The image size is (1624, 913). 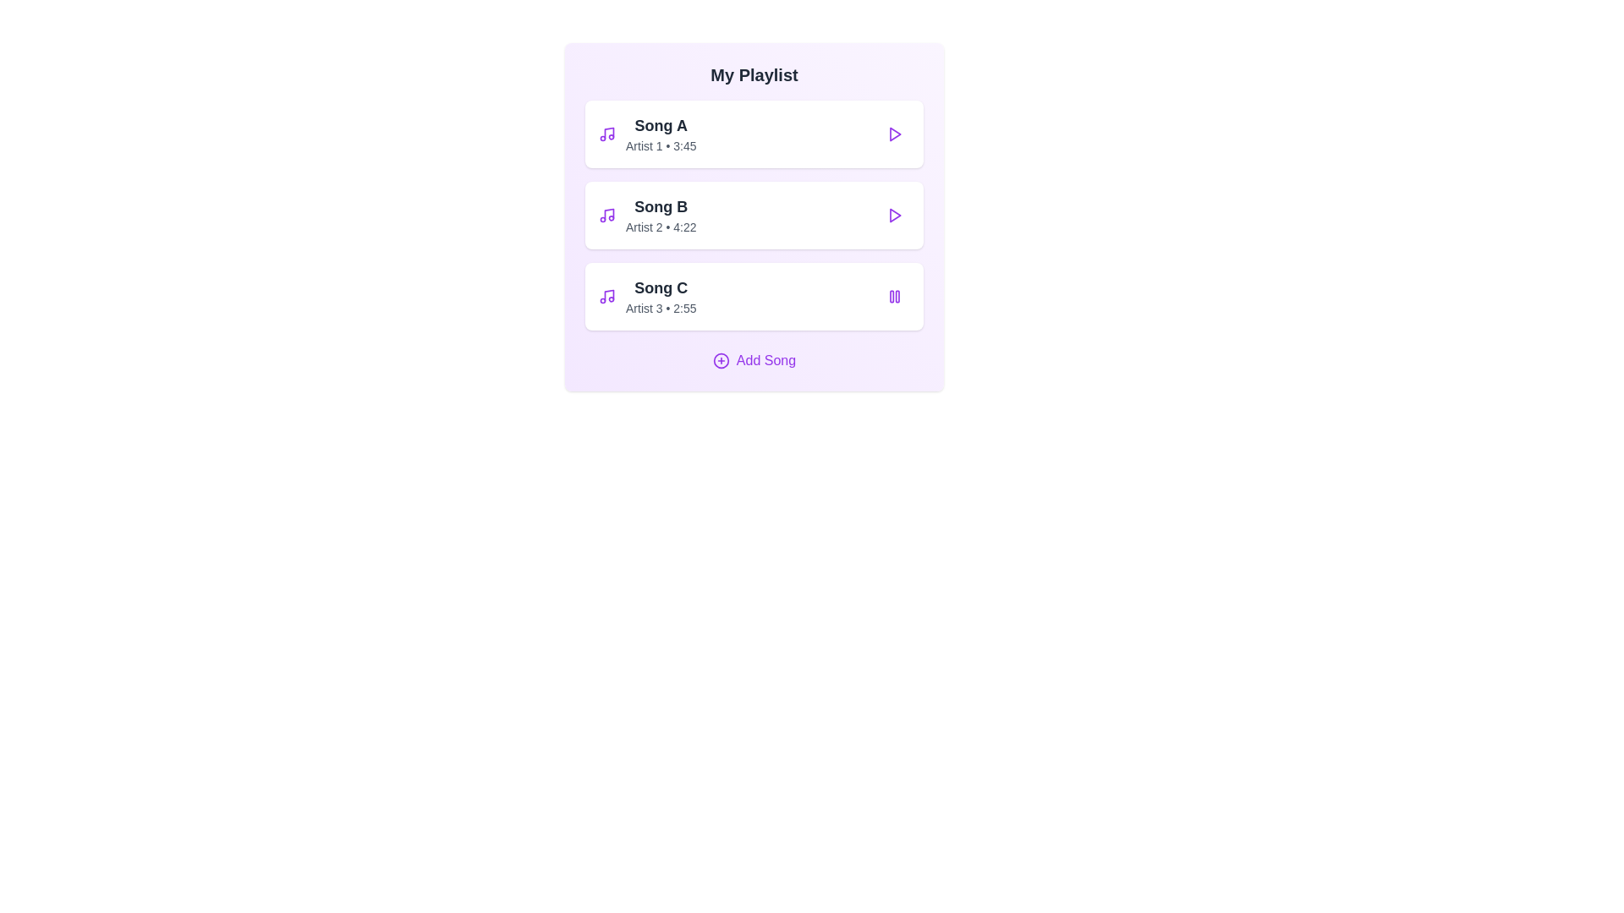 What do you see at coordinates (754, 360) in the screenshot?
I see `the 'Add Song' button to open the interface for adding a new song to the playlist` at bounding box center [754, 360].